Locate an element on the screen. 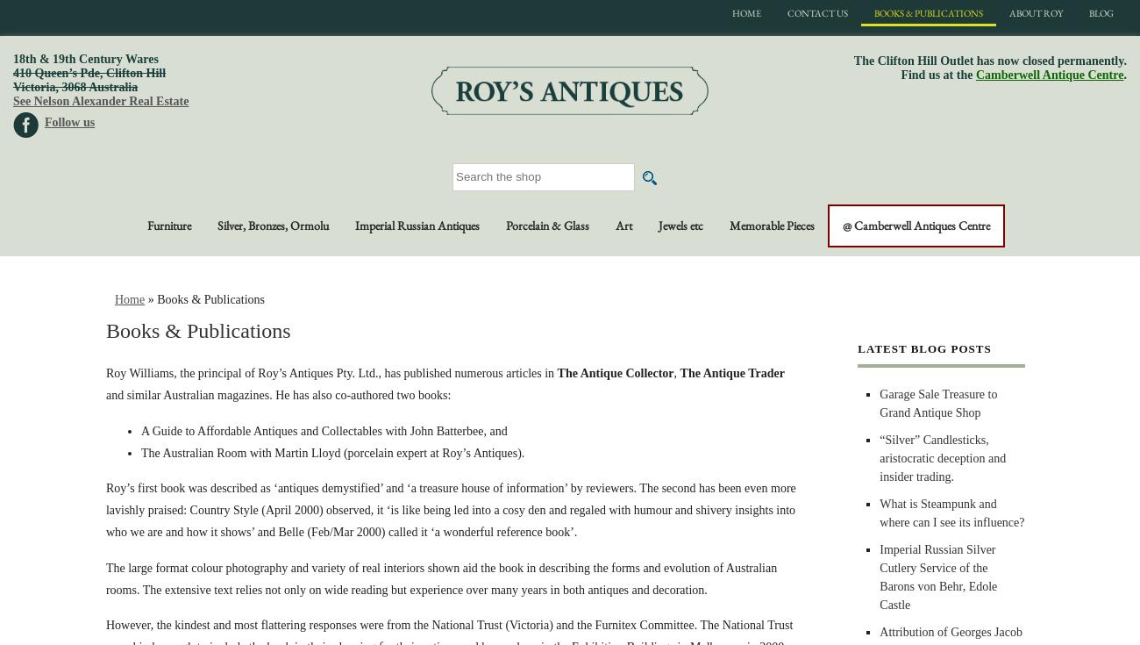 The height and width of the screenshot is (645, 1140). 'Art' is located at coordinates (623, 225).